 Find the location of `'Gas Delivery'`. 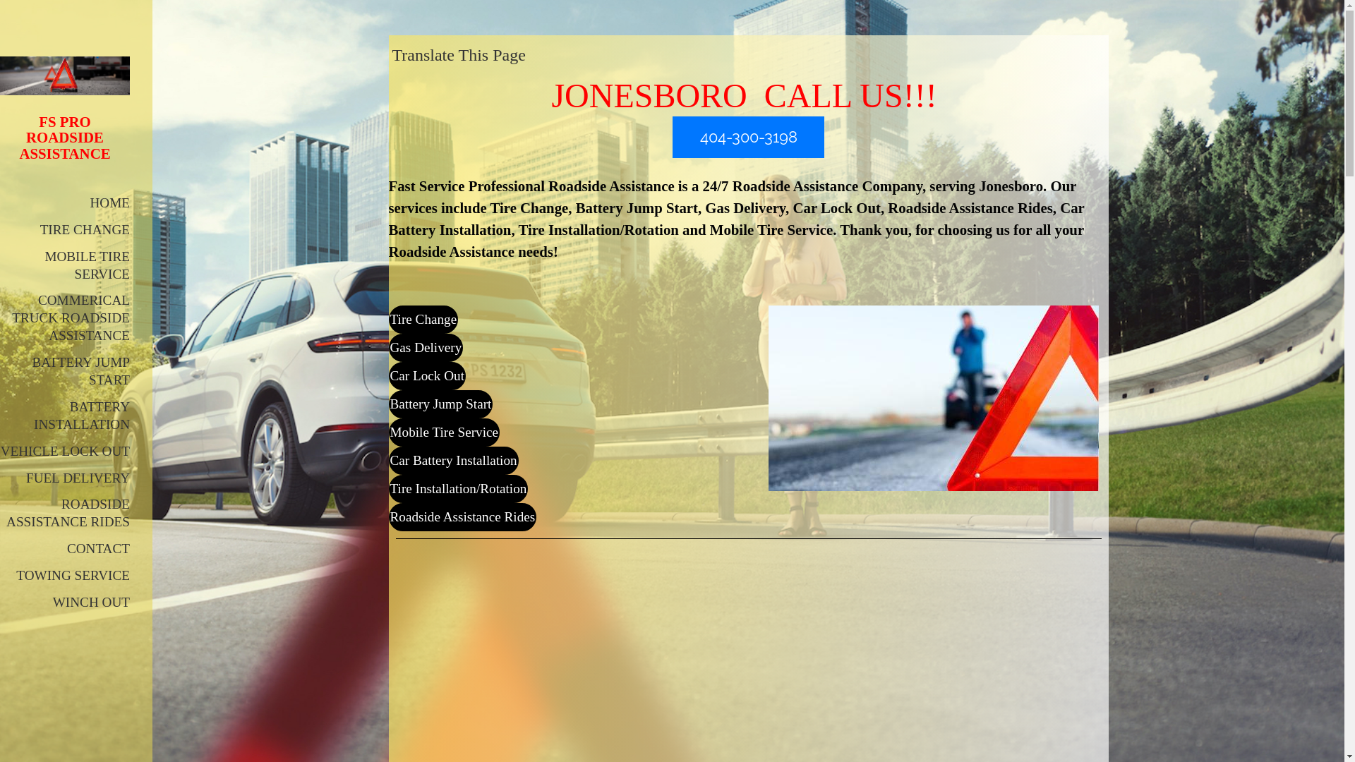

'Gas Delivery' is located at coordinates (388, 348).